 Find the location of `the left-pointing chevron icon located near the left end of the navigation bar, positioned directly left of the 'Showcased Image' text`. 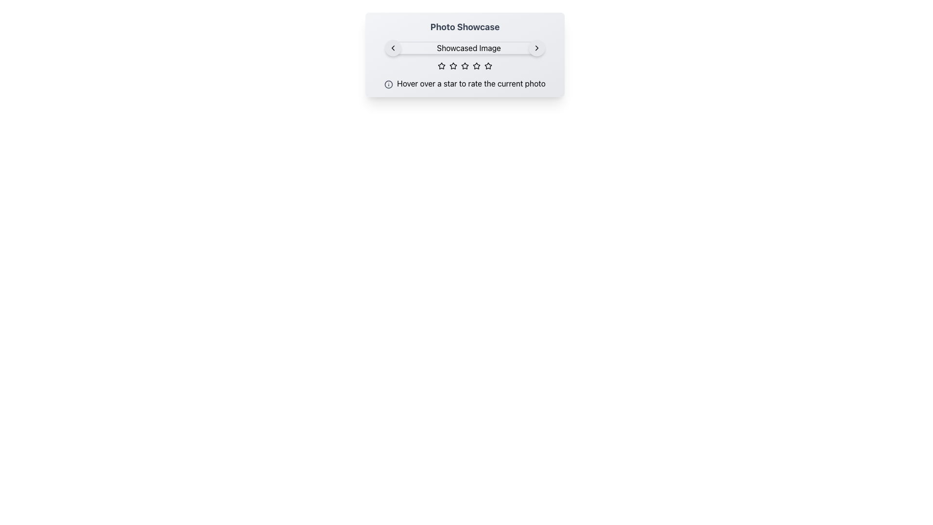

the left-pointing chevron icon located near the left end of the navigation bar, positioned directly left of the 'Showcased Image' text is located at coordinates (393, 48).